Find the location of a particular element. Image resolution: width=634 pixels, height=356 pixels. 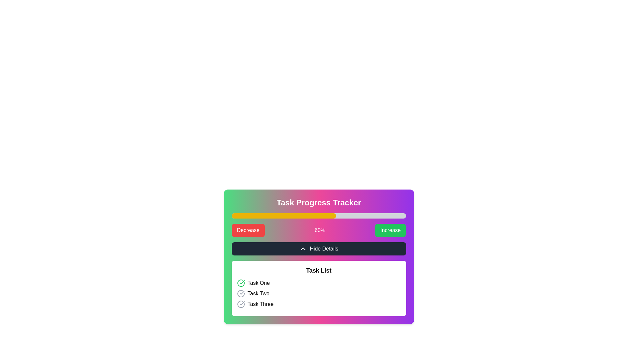

the appearance of the green circular status indicator with a checkmark, which is the first element in the task list positioned to the left of 'Task One' is located at coordinates (240, 283).